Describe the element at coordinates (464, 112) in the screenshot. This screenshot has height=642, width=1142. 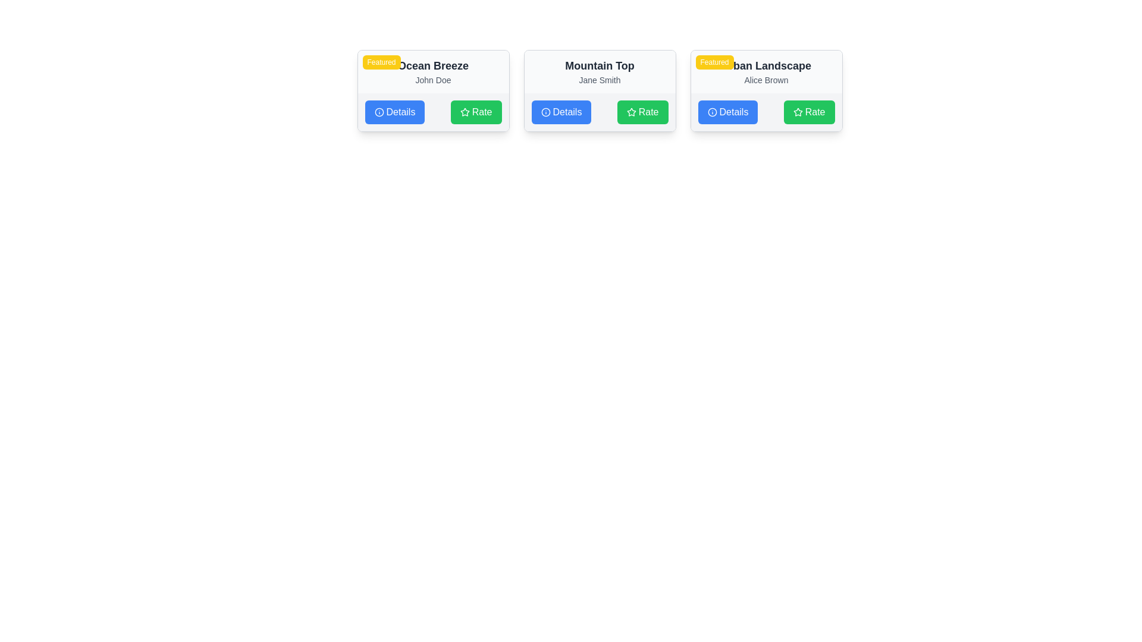
I see `the rating icon within the 'Rate' button of the 'Ocean Breeze' card` at that location.